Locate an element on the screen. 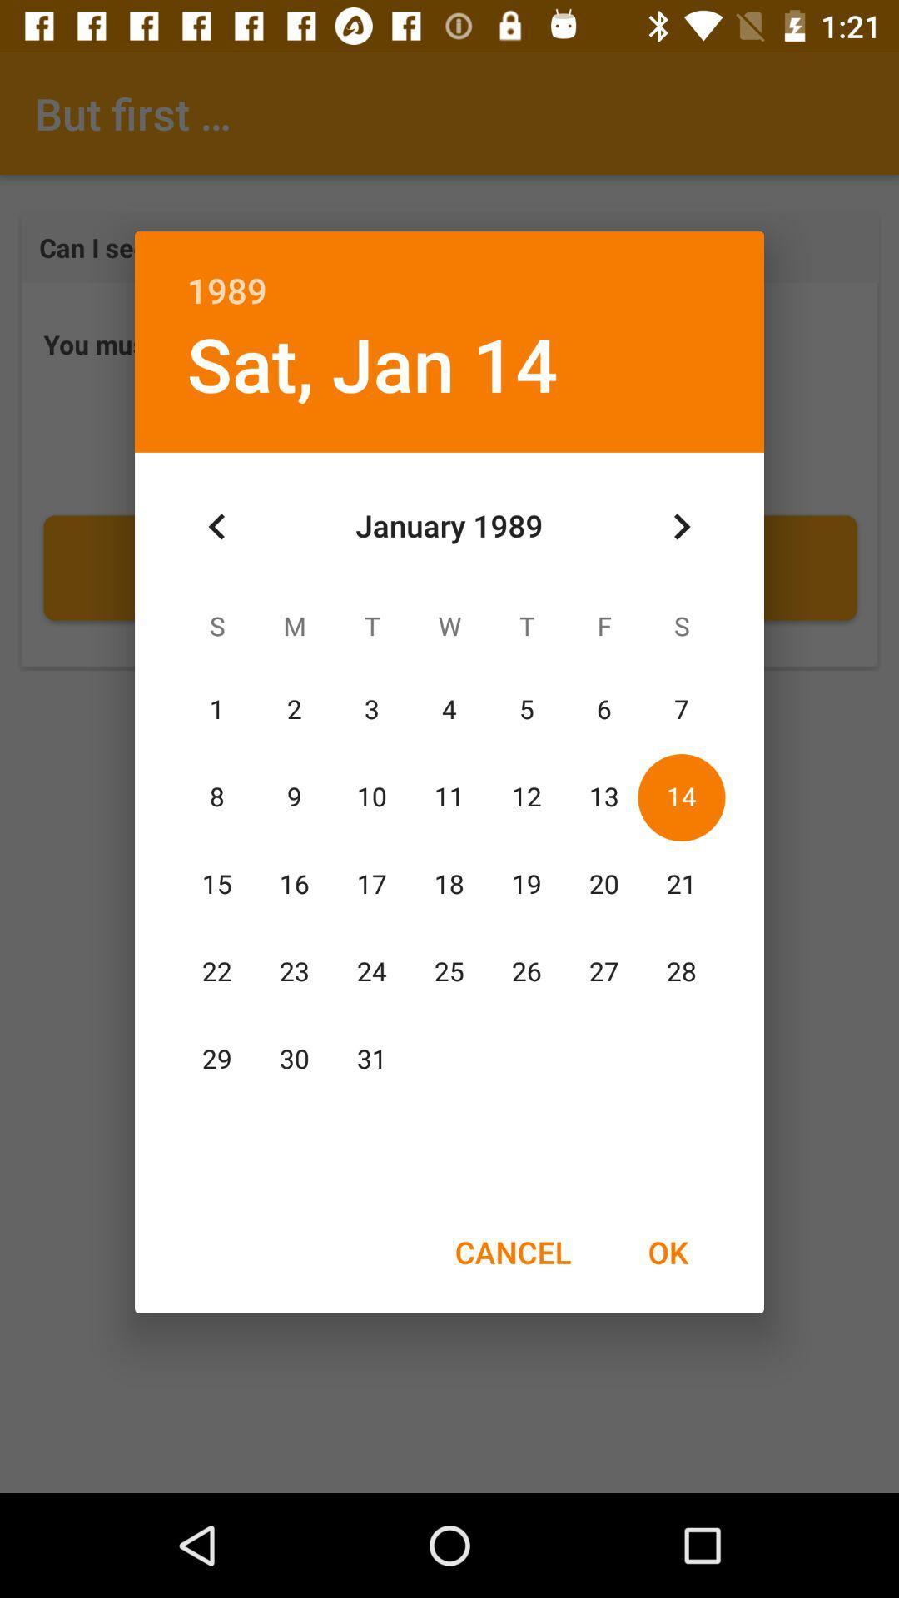  item to the right of the cancel item is located at coordinates (667, 1252).